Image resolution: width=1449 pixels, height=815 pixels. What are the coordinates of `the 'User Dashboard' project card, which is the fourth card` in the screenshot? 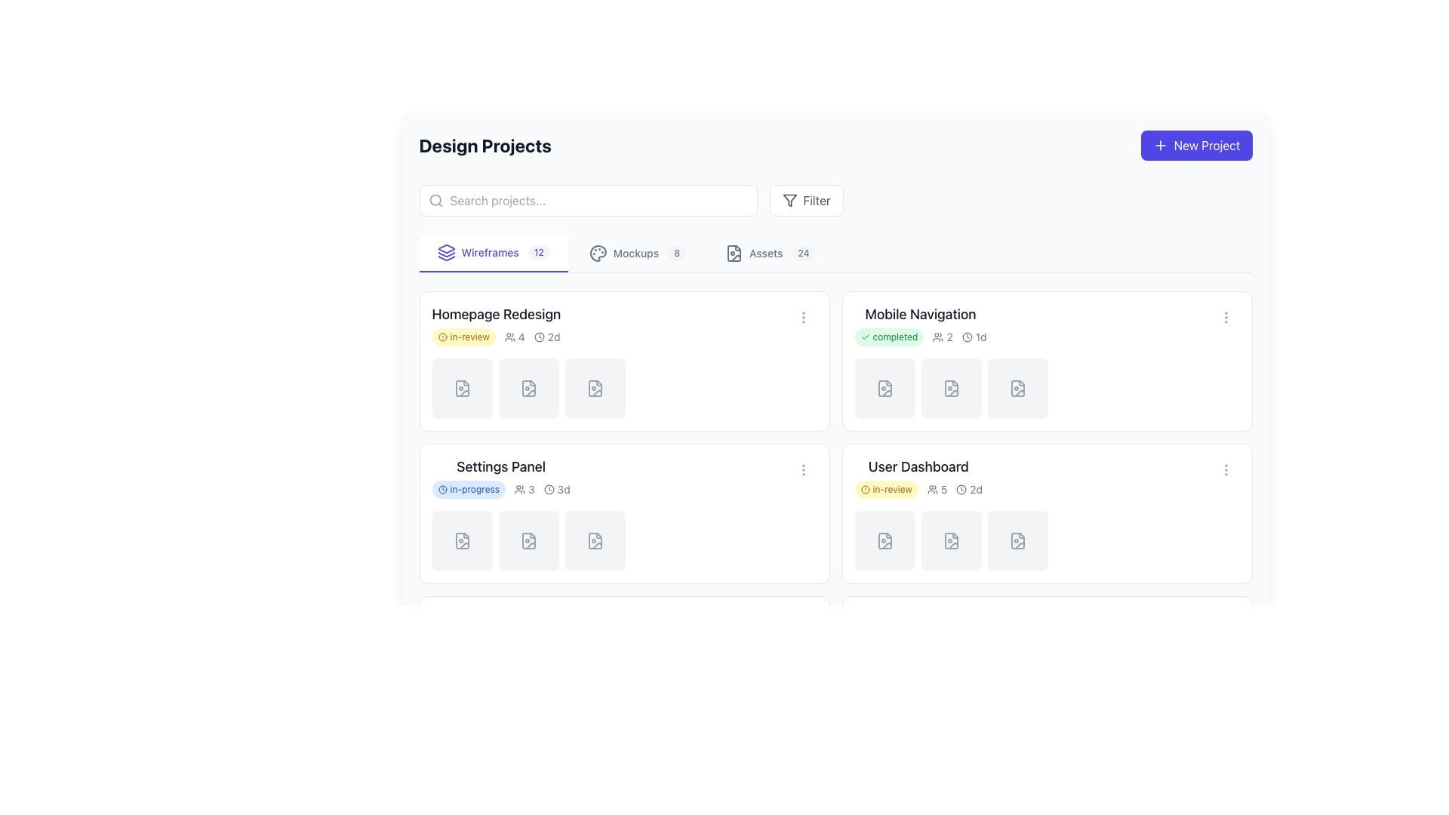 It's located at (1046, 513).